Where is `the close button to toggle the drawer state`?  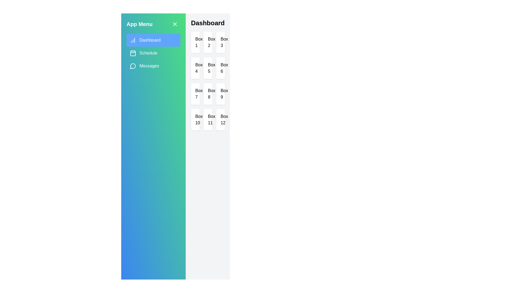 the close button to toggle the drawer state is located at coordinates (174, 24).